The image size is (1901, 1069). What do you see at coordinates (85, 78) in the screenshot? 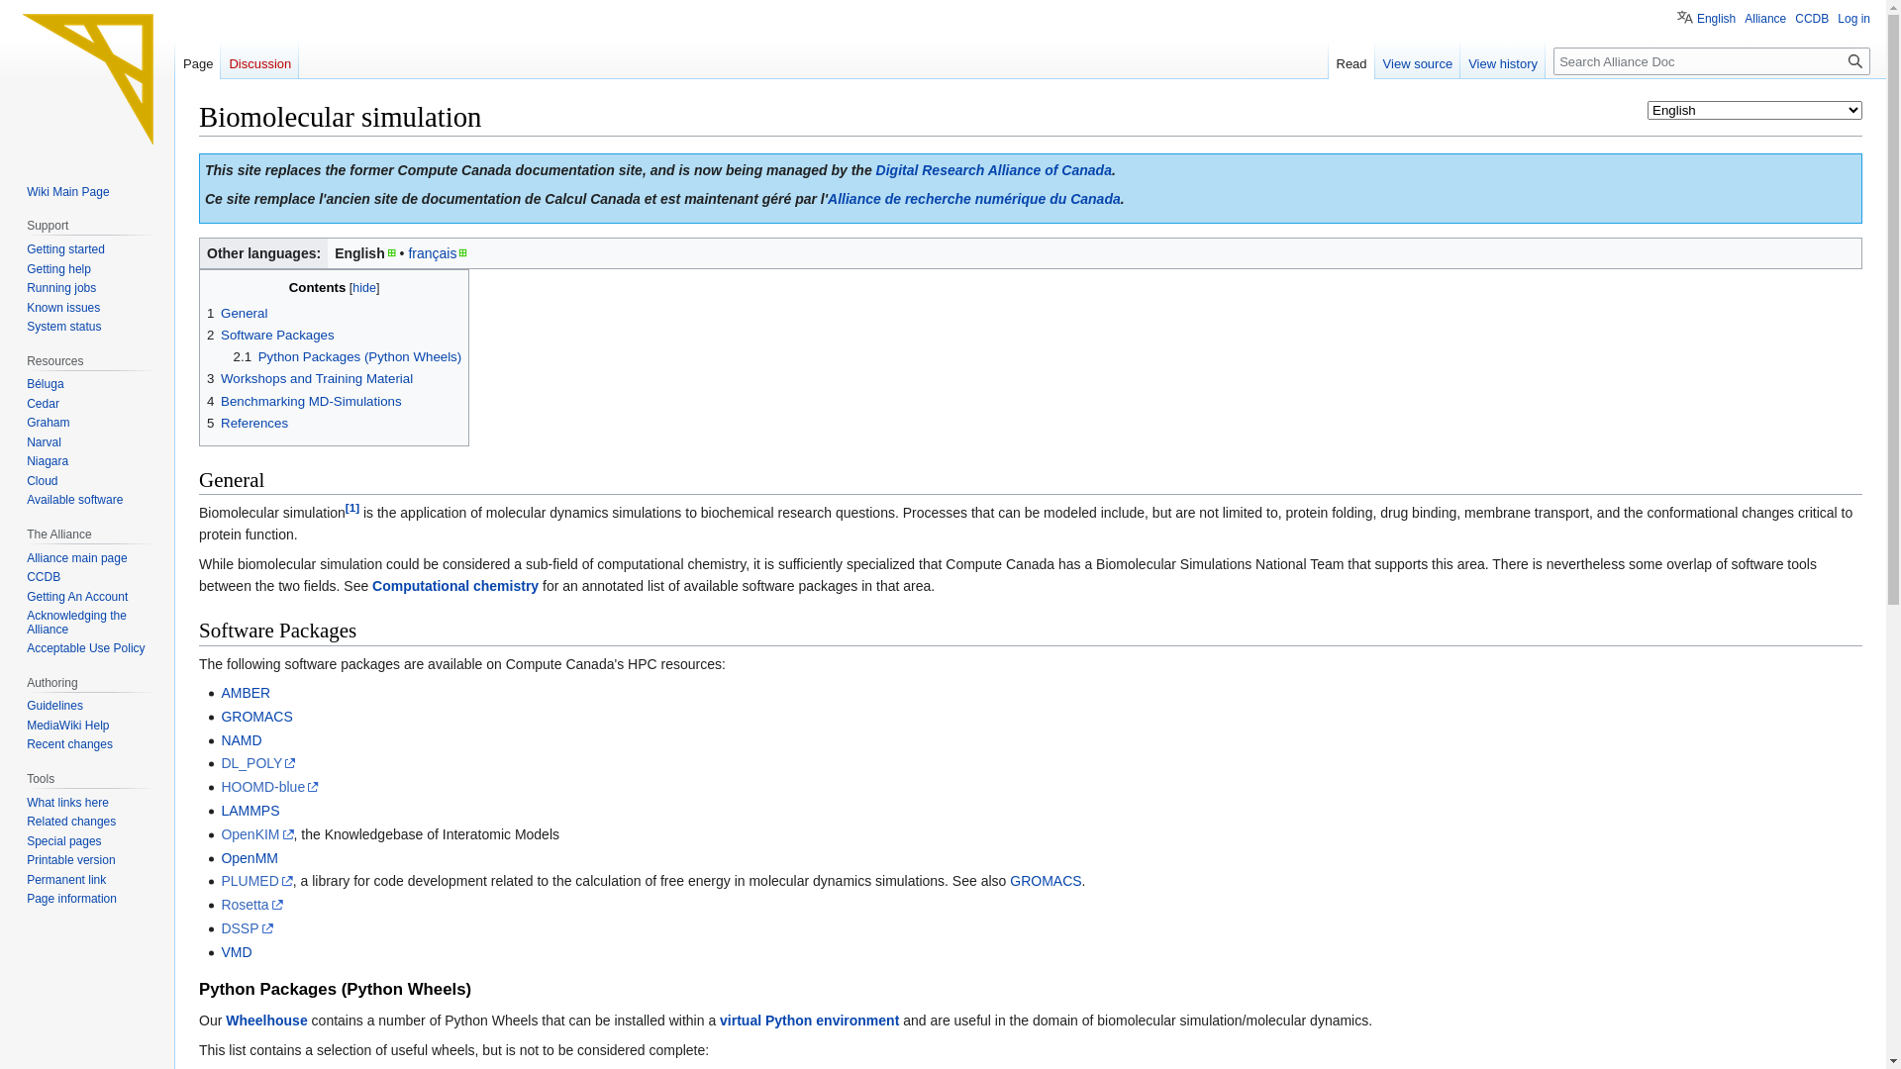
I see `'Visit the main page'` at bounding box center [85, 78].